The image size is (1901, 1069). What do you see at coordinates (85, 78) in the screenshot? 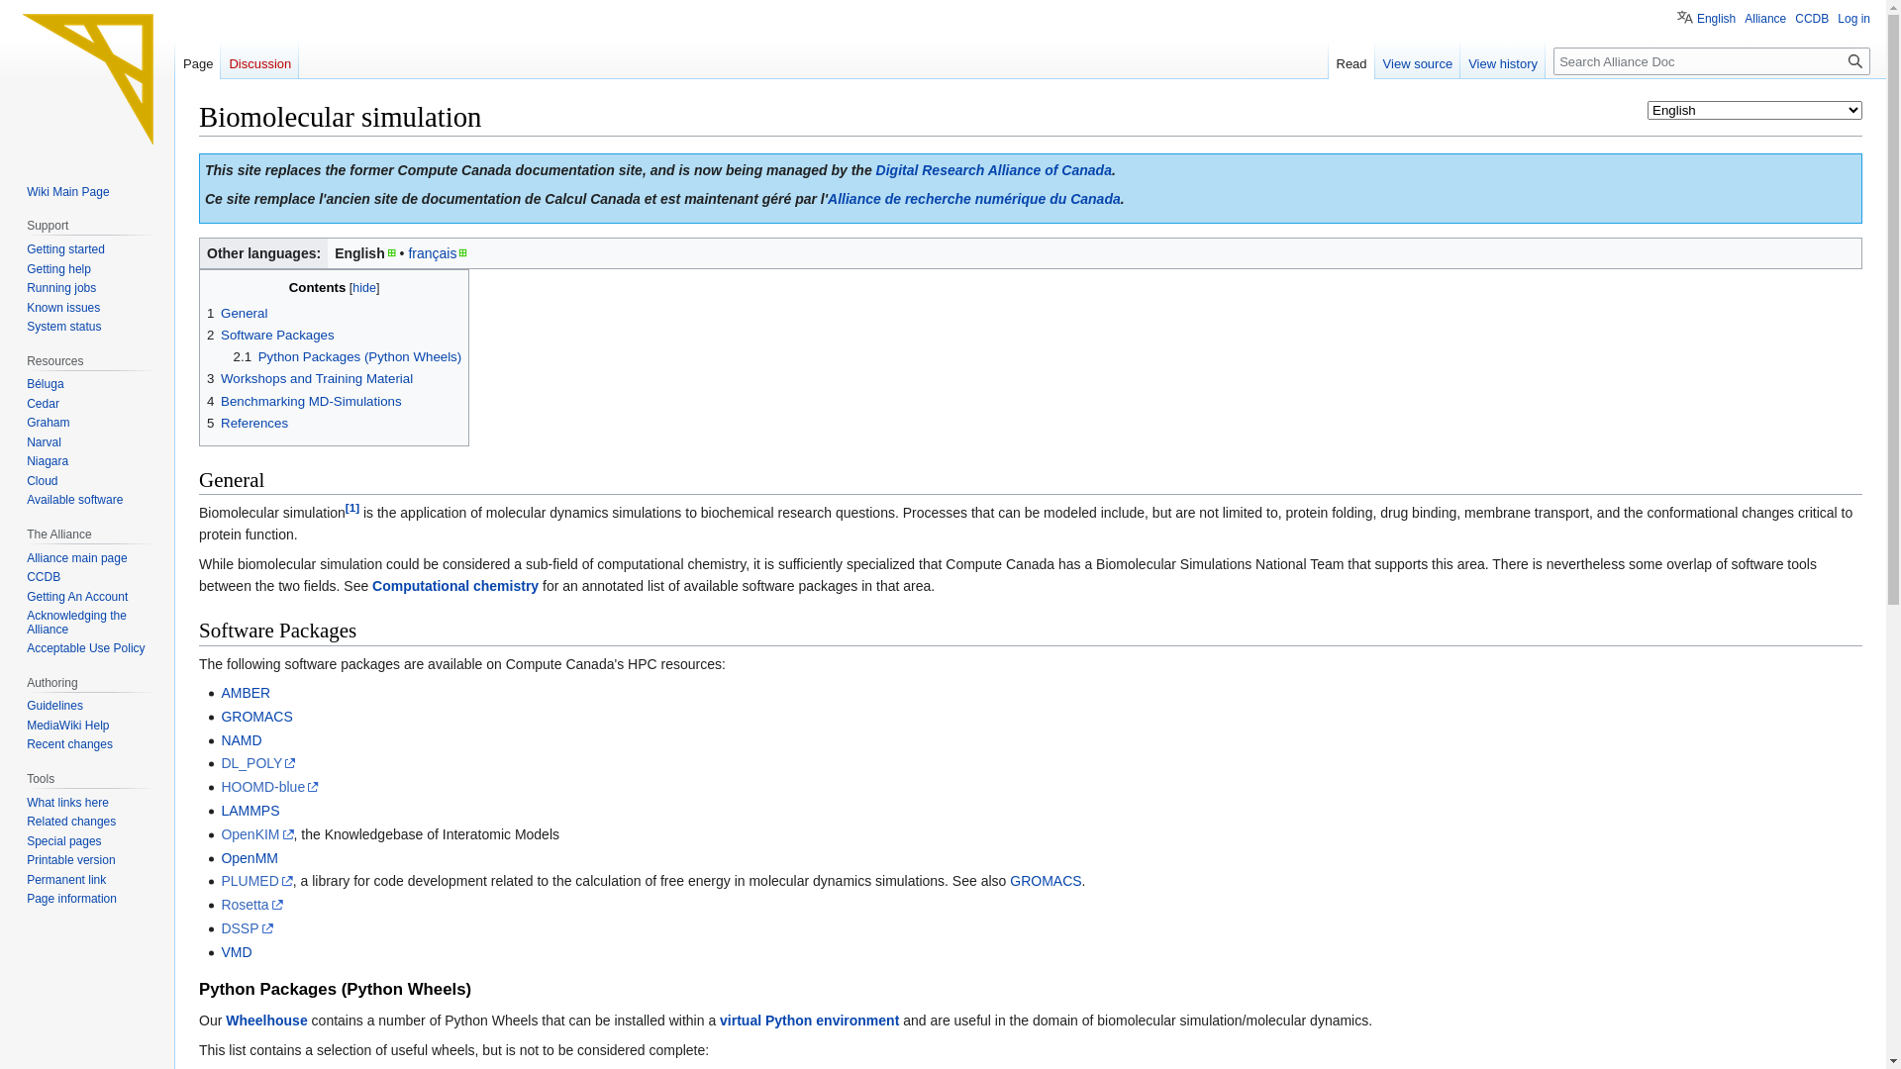
I see `'Visit the main page'` at bounding box center [85, 78].